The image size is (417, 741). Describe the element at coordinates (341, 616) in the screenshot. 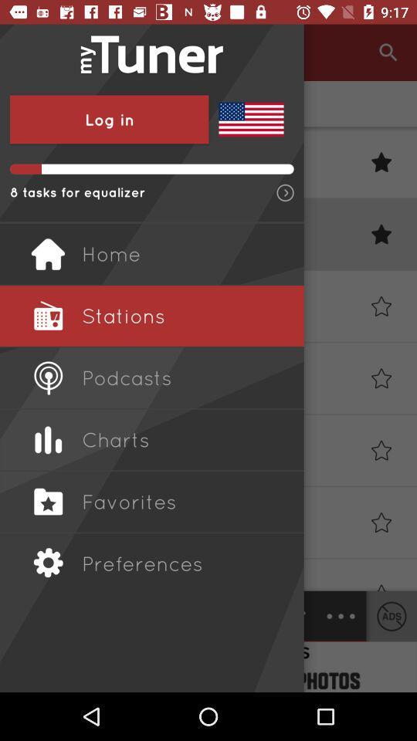

I see `the more icon` at that location.